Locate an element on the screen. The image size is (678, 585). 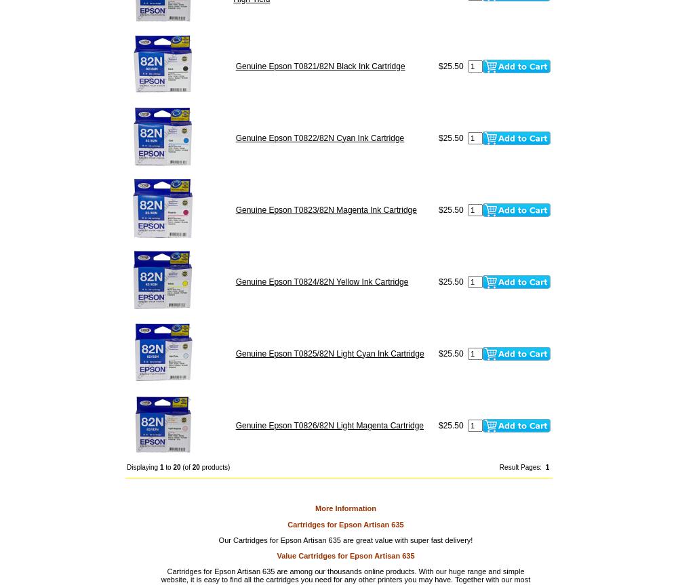
'Value Cartridges for Epson Artisan 635' is located at coordinates (345, 555).